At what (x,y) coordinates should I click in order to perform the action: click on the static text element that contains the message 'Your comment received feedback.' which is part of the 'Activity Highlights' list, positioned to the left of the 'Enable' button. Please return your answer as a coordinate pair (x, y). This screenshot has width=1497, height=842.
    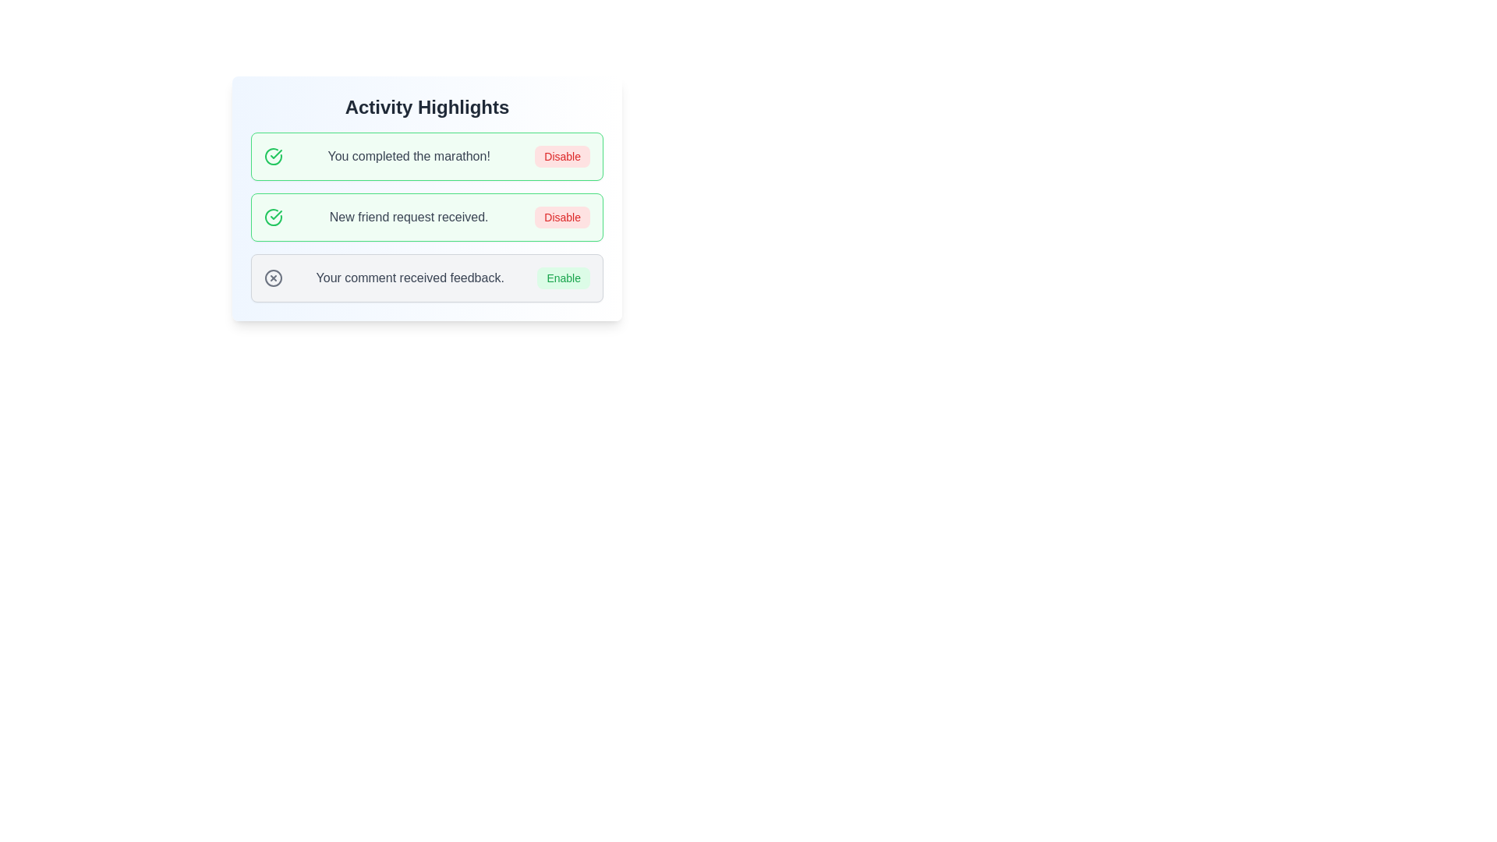
    Looking at the image, I should click on (410, 278).